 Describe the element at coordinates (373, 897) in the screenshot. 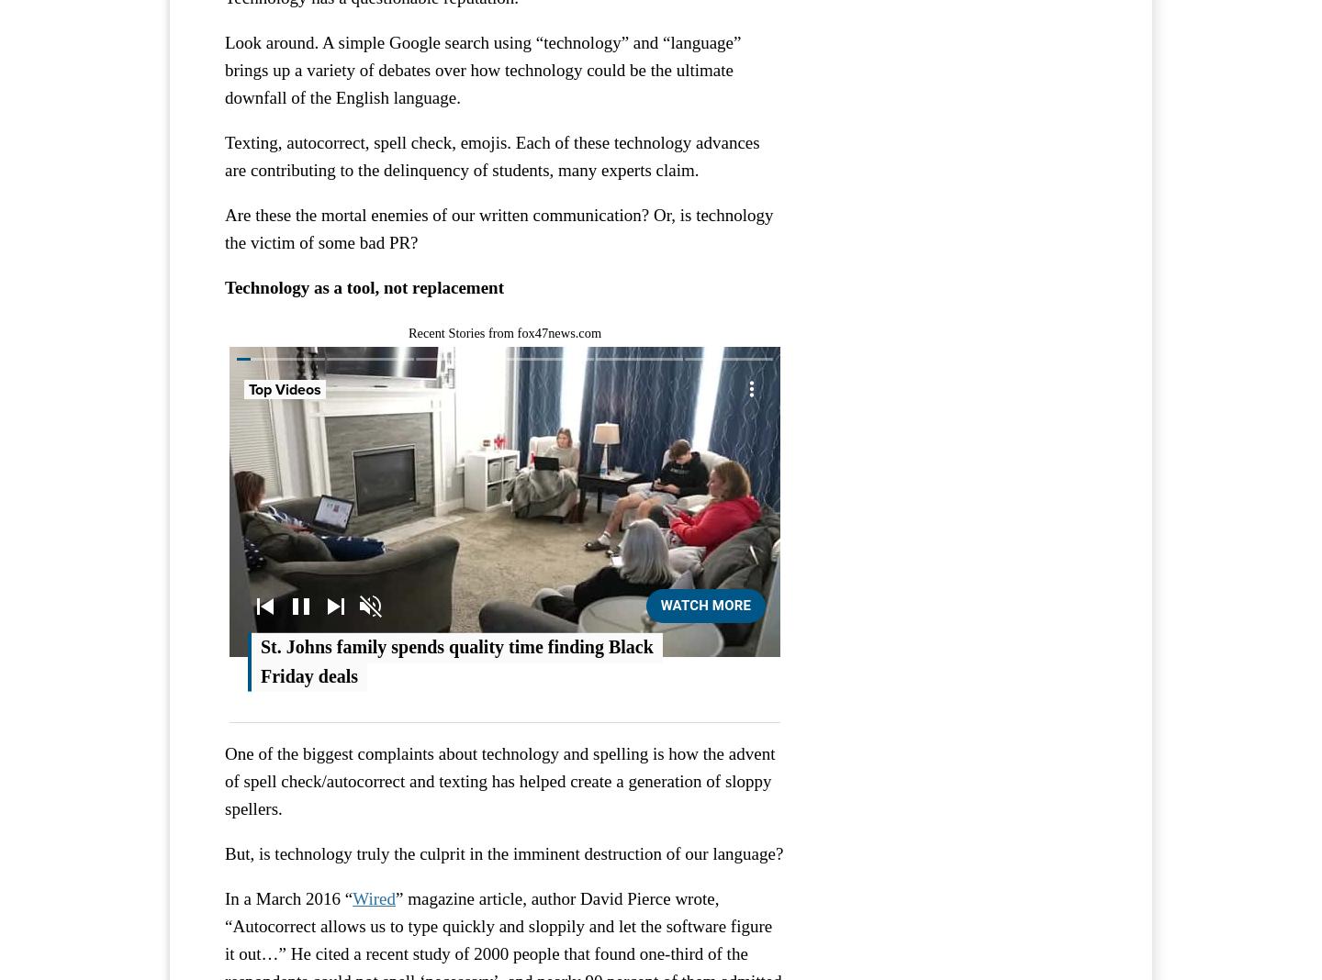

I see `'Wired'` at that location.